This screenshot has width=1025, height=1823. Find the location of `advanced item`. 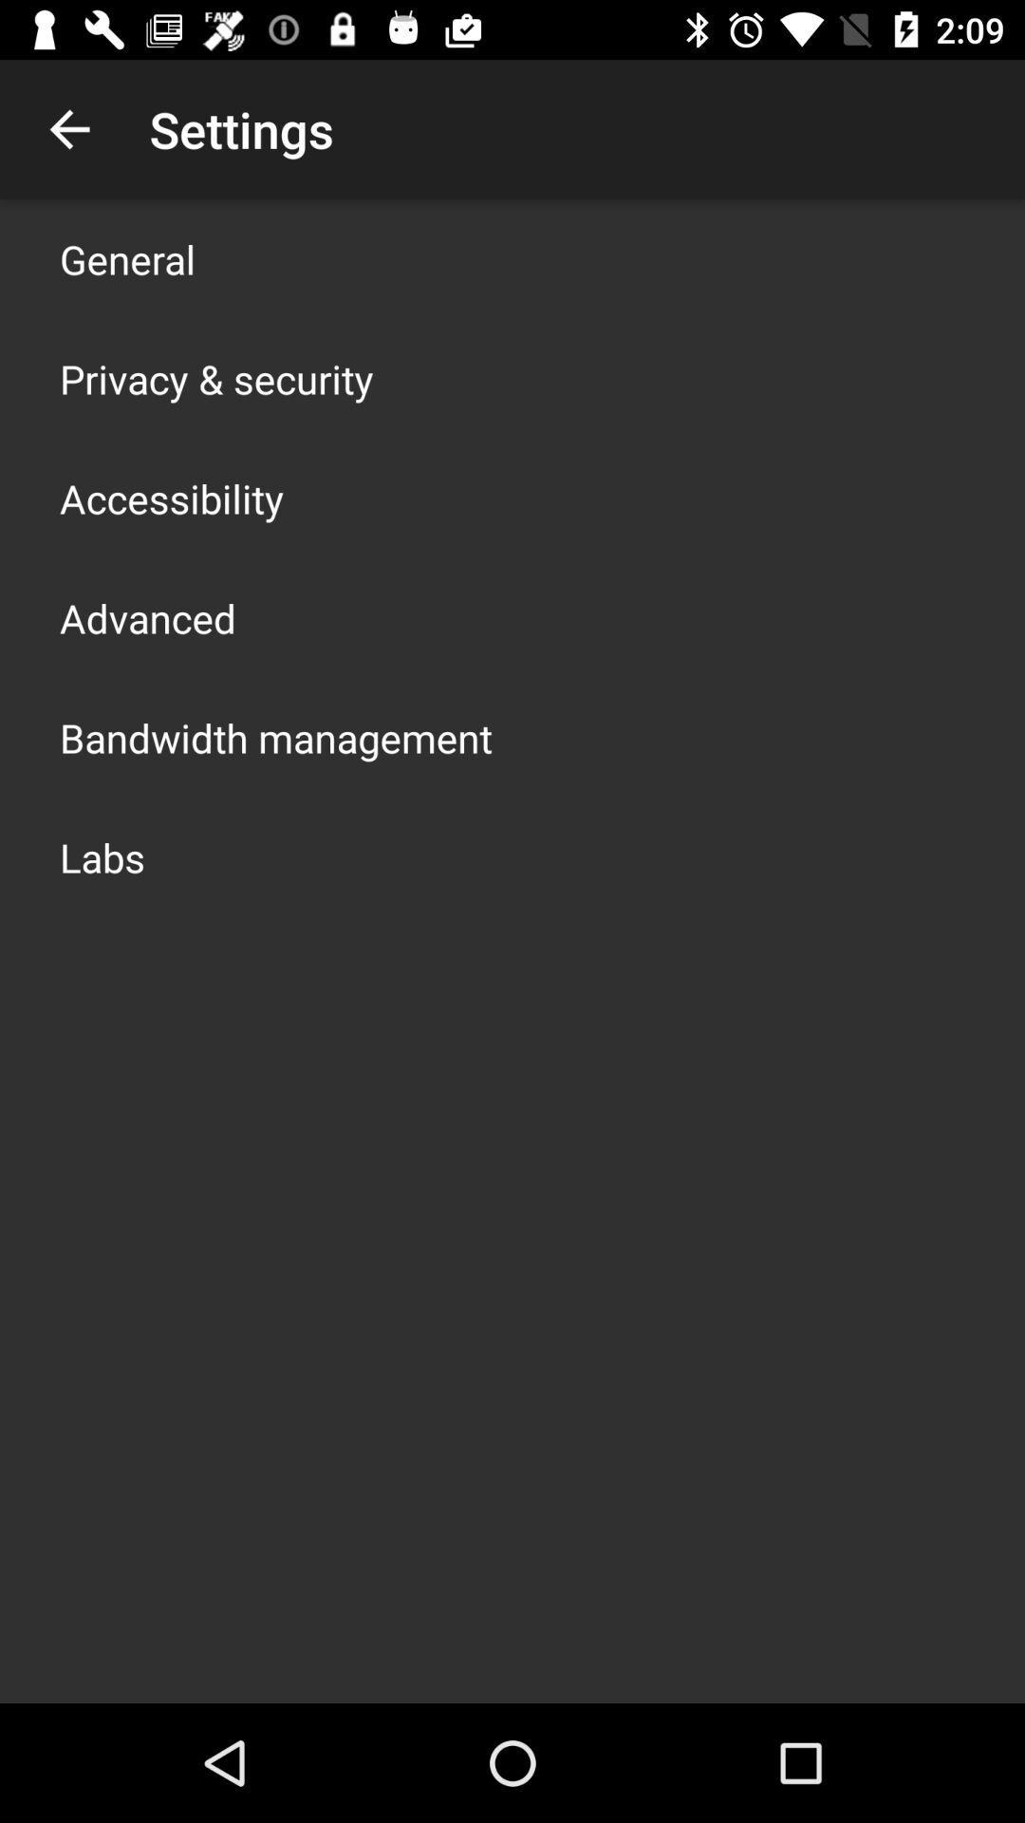

advanced item is located at coordinates (146, 618).